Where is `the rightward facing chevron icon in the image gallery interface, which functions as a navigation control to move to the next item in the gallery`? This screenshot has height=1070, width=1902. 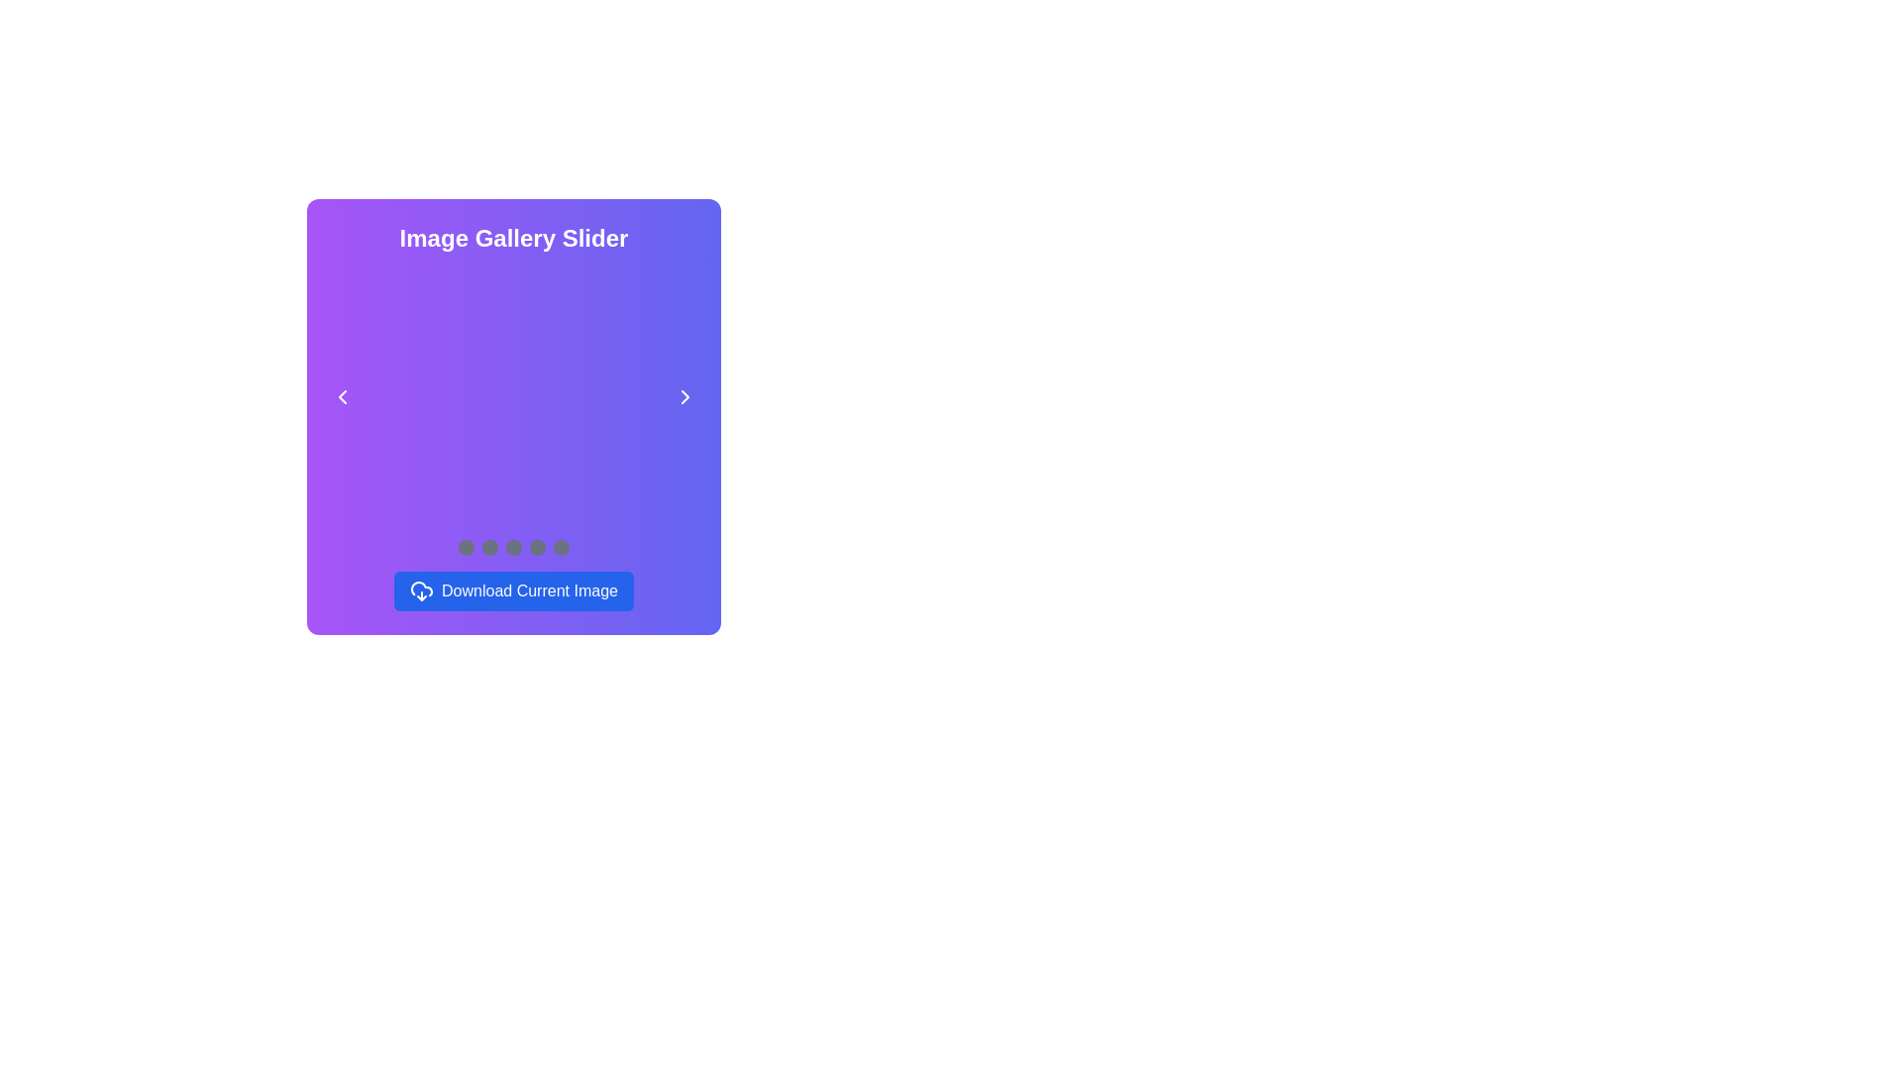
the rightward facing chevron icon in the image gallery interface, which functions as a navigation control to move to the next item in the gallery is located at coordinates (685, 397).